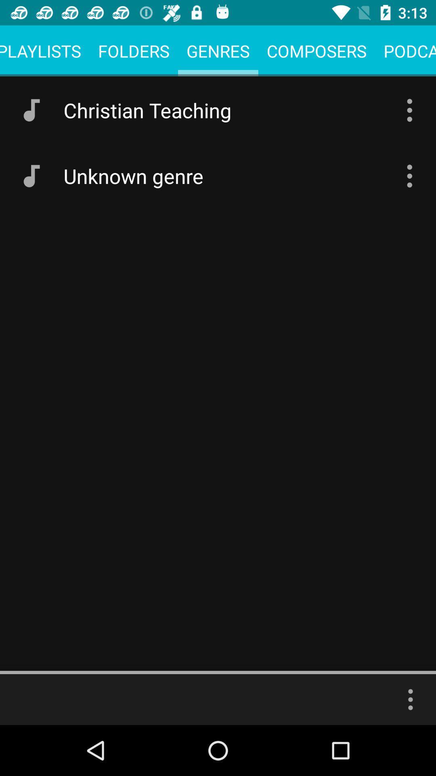 The height and width of the screenshot is (776, 436). Describe the element at coordinates (411, 699) in the screenshot. I see `the more icon` at that location.